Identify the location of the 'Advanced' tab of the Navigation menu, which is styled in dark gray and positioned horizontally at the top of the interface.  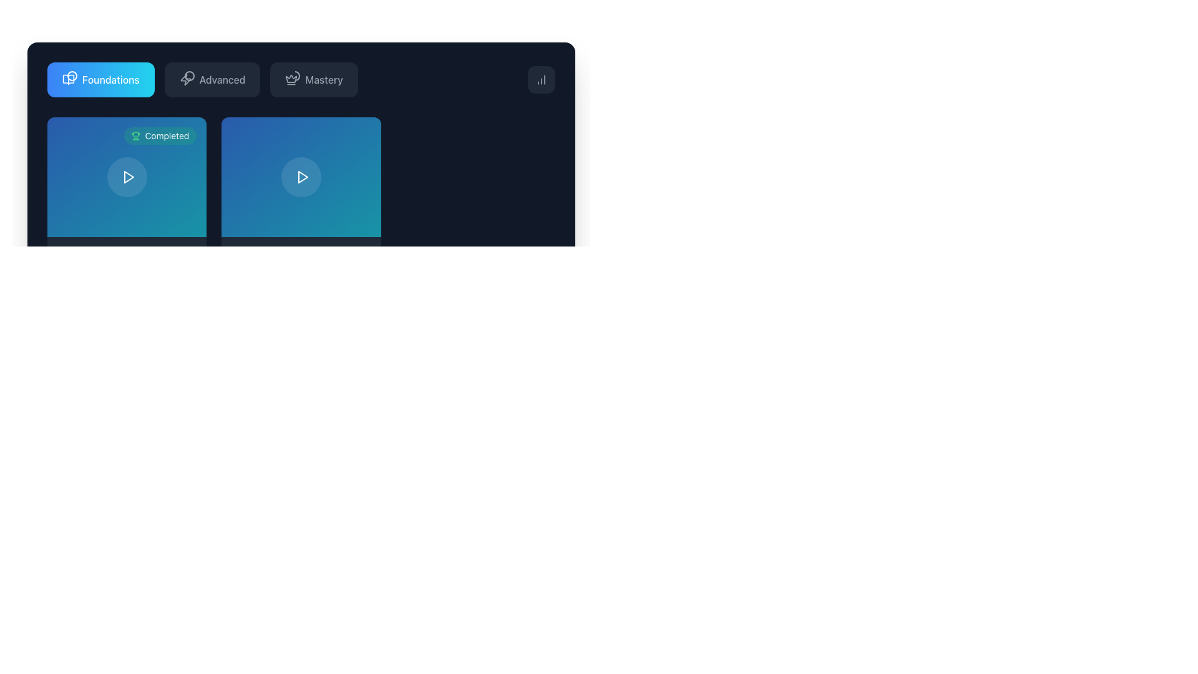
(202, 79).